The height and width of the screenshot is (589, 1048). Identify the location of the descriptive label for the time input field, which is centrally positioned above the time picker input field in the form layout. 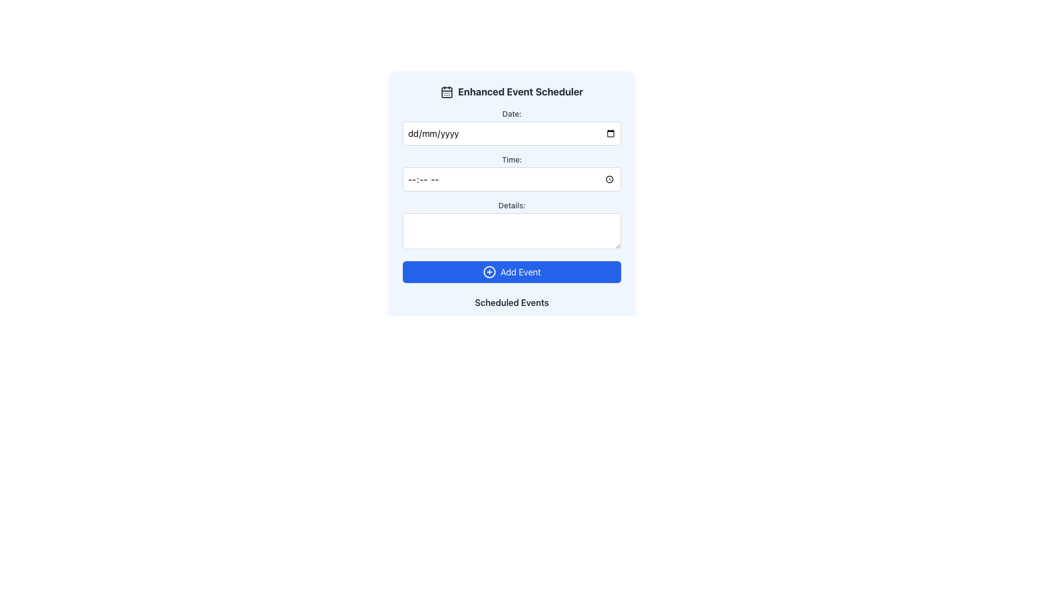
(511, 160).